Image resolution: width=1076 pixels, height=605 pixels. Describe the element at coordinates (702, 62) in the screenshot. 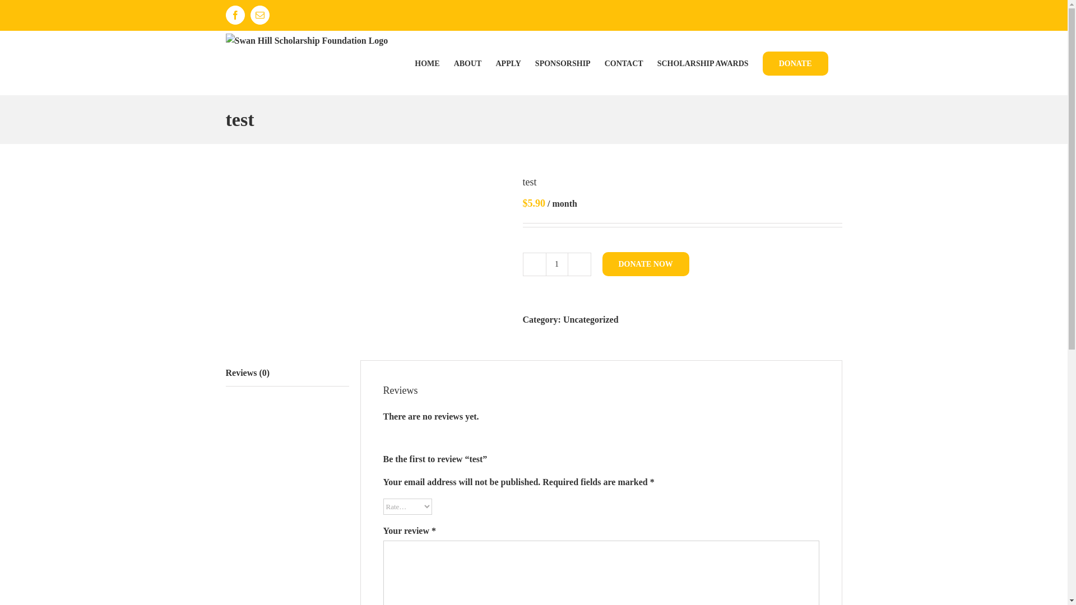

I see `'SCHOLARSHIP AWARDS'` at that location.